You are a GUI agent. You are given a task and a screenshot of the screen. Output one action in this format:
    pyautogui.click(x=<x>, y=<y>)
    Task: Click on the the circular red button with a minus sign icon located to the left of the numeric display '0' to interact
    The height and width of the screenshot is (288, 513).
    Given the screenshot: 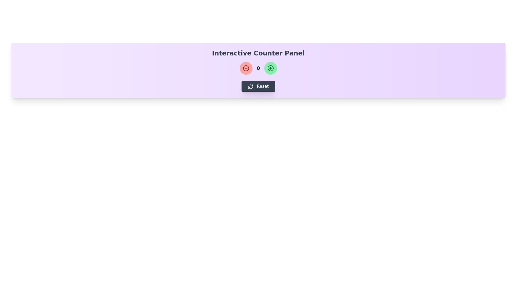 What is the action you would take?
    pyautogui.click(x=246, y=68)
    